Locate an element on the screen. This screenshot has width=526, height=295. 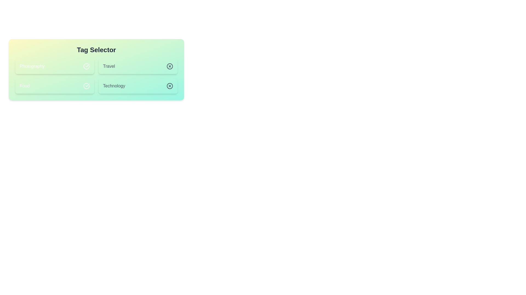
the tag labeled Technology to toggle its active state is located at coordinates (138, 86).